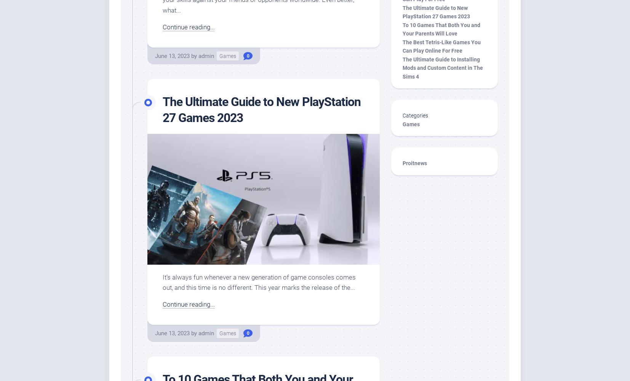 The width and height of the screenshot is (630, 381). What do you see at coordinates (402, 67) in the screenshot?
I see `'The Ultimate Guide to Installing Mods and Custom Content in The Sims 4'` at bounding box center [402, 67].